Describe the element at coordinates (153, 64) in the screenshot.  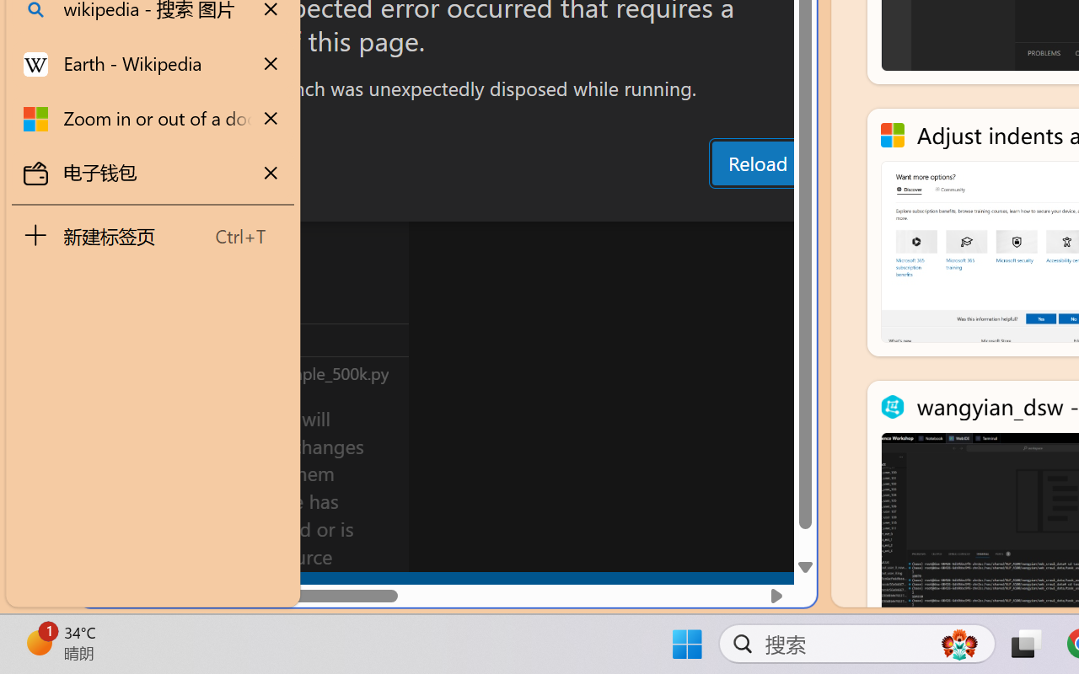
I see `'Earth - Wikipedia'` at that location.